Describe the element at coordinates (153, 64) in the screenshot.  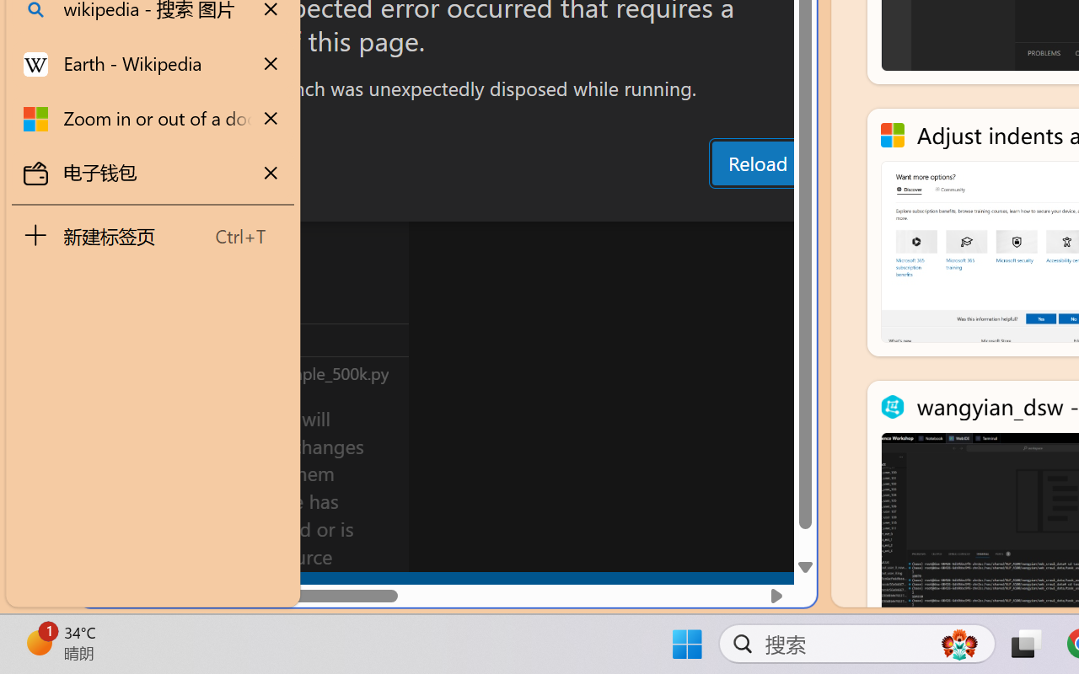
I see `'Earth - Wikipedia'` at that location.